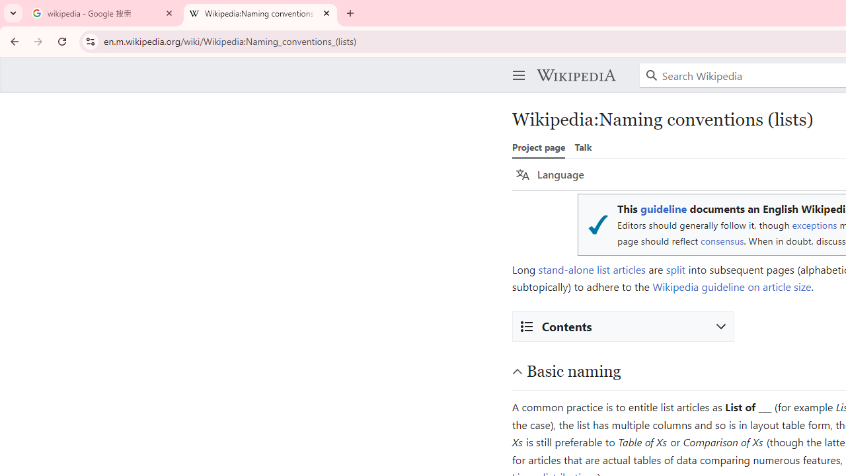  I want to click on 'AutomationID: main-menu-input', so click(516, 65).